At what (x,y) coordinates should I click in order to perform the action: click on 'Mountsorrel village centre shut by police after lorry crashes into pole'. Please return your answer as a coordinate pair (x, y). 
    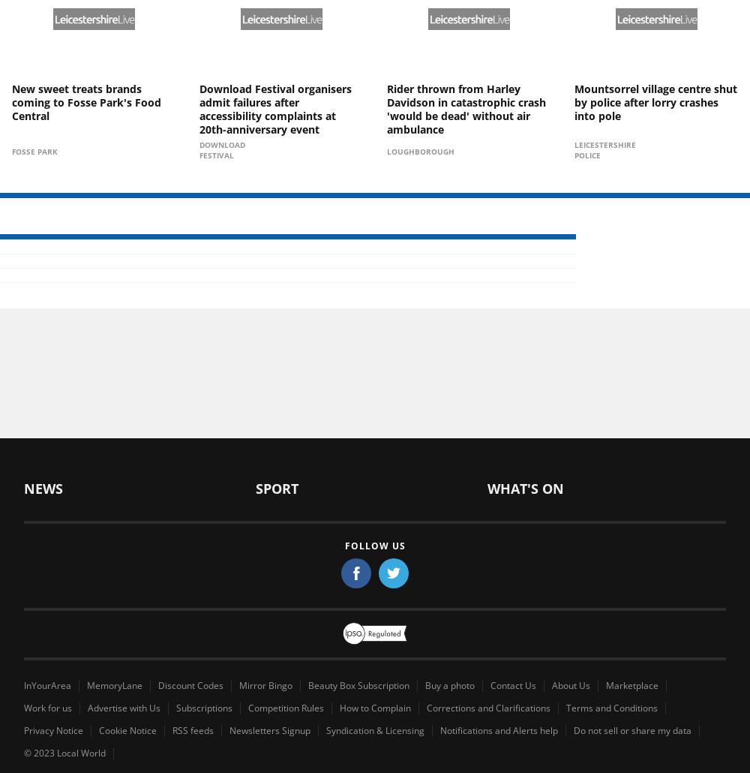
    Looking at the image, I should click on (655, 101).